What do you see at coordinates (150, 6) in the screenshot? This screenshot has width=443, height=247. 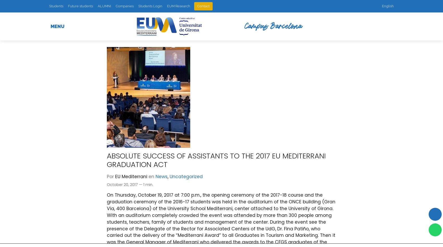 I see `'Students Login'` at bounding box center [150, 6].